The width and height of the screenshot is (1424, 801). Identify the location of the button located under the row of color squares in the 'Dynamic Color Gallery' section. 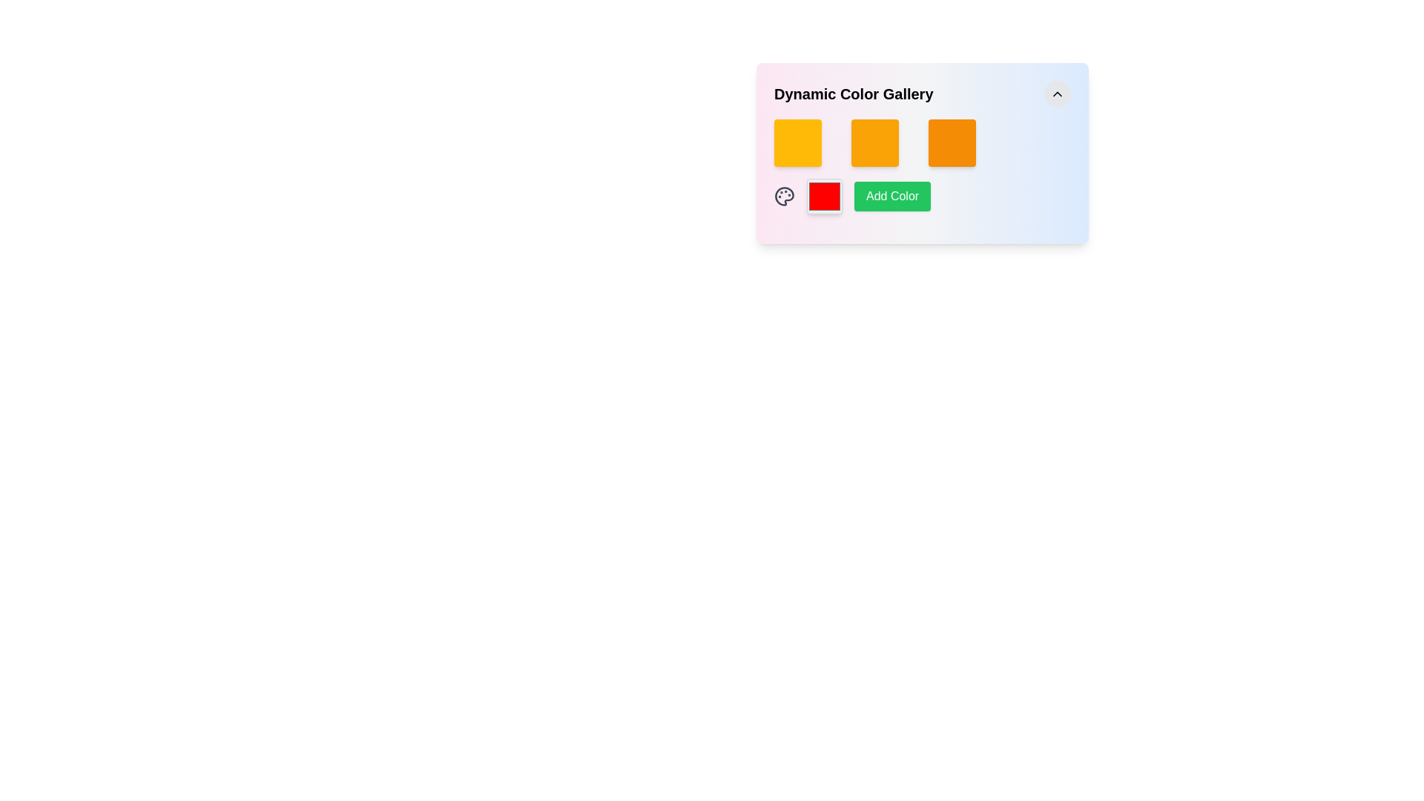
(921, 166).